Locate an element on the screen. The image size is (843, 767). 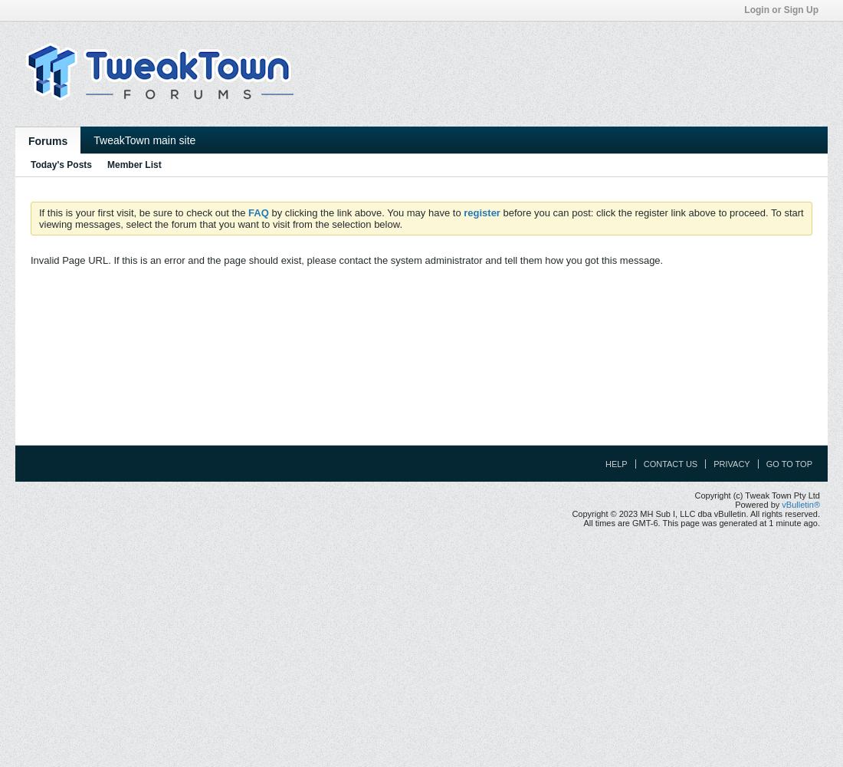
'Help' is located at coordinates (615, 463).